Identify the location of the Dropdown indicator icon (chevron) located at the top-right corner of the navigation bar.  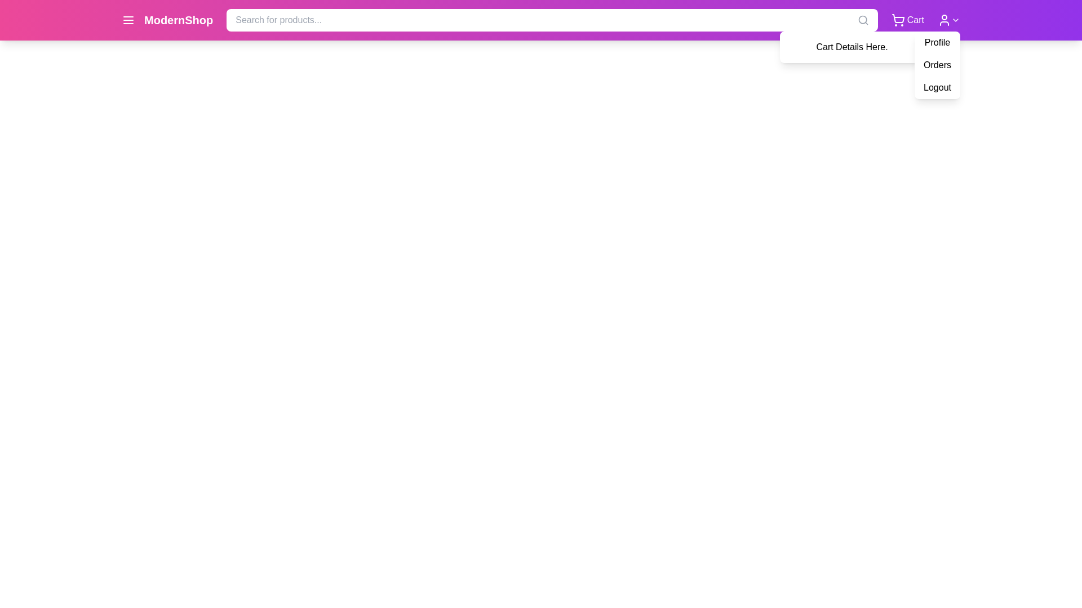
(955, 20).